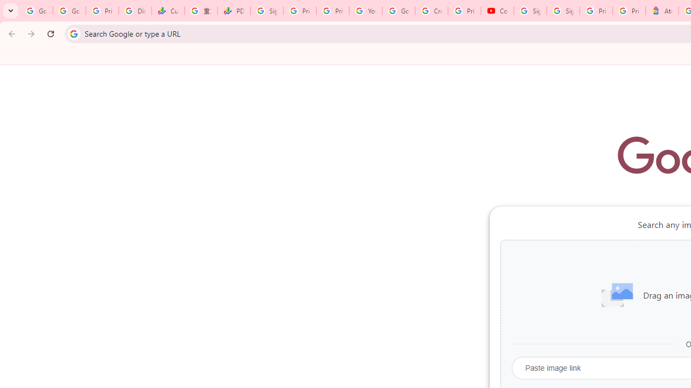 The height and width of the screenshot is (388, 691). Describe the element at coordinates (167, 11) in the screenshot. I see `'Currencies - Google Finance'` at that location.